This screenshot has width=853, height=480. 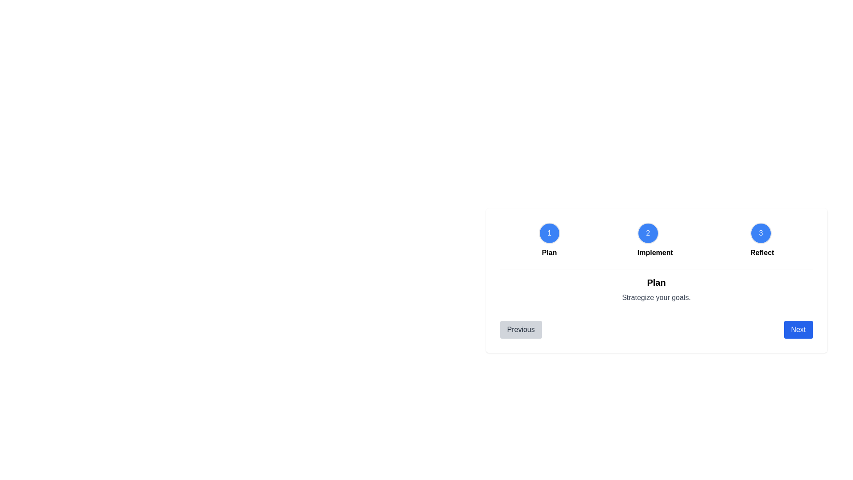 I want to click on the text content of the current milestone step, so click(x=656, y=283).